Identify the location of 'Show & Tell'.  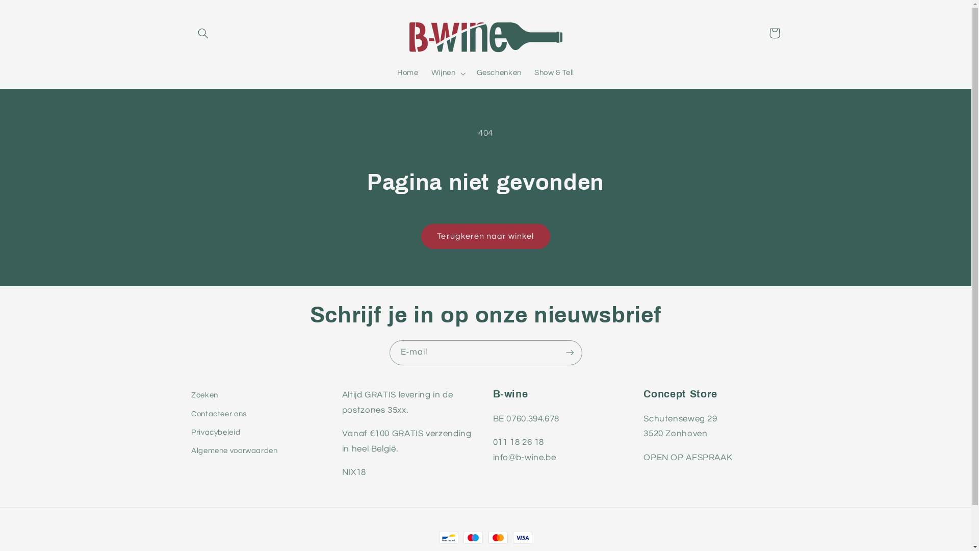
(528, 72).